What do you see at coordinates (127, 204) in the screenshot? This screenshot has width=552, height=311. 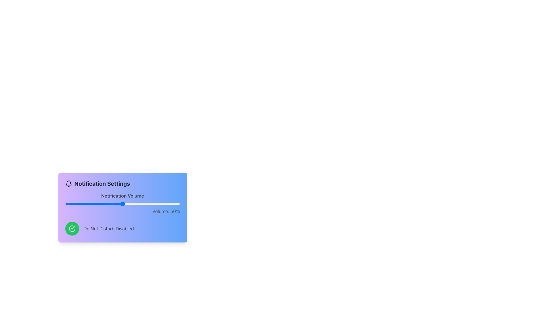 I see `notification volume` at bounding box center [127, 204].